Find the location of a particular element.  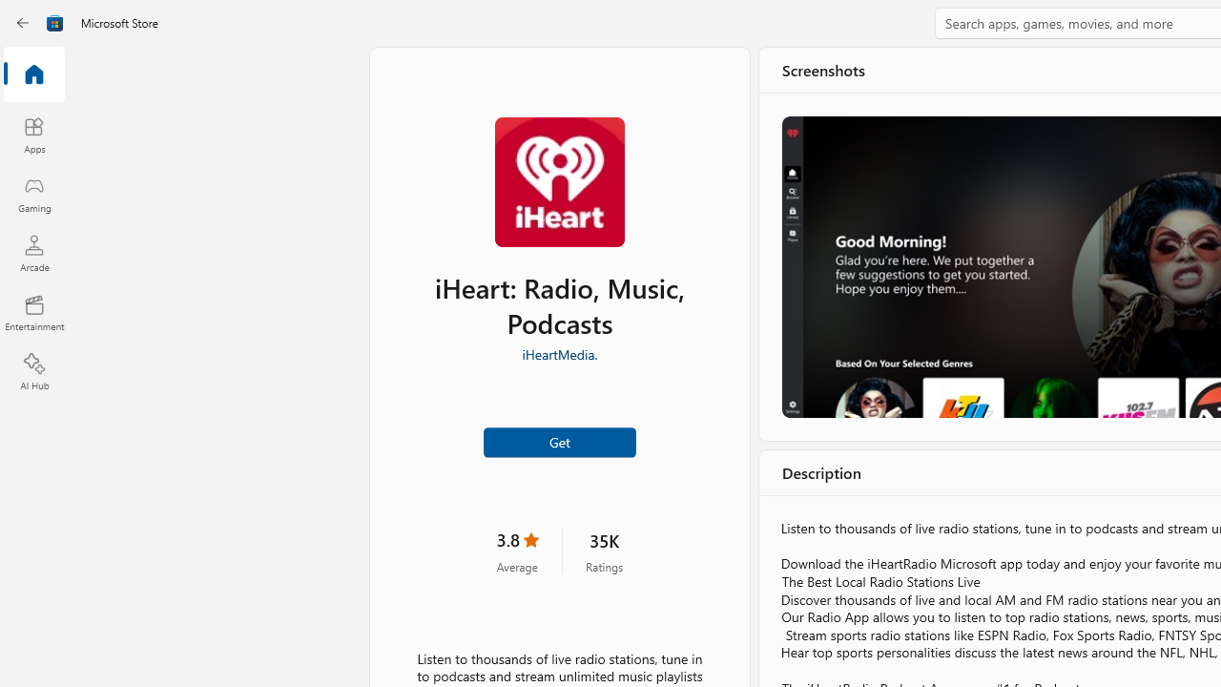

'3.8 stars. Click to skip to ratings and reviews' is located at coordinates (517, 551).